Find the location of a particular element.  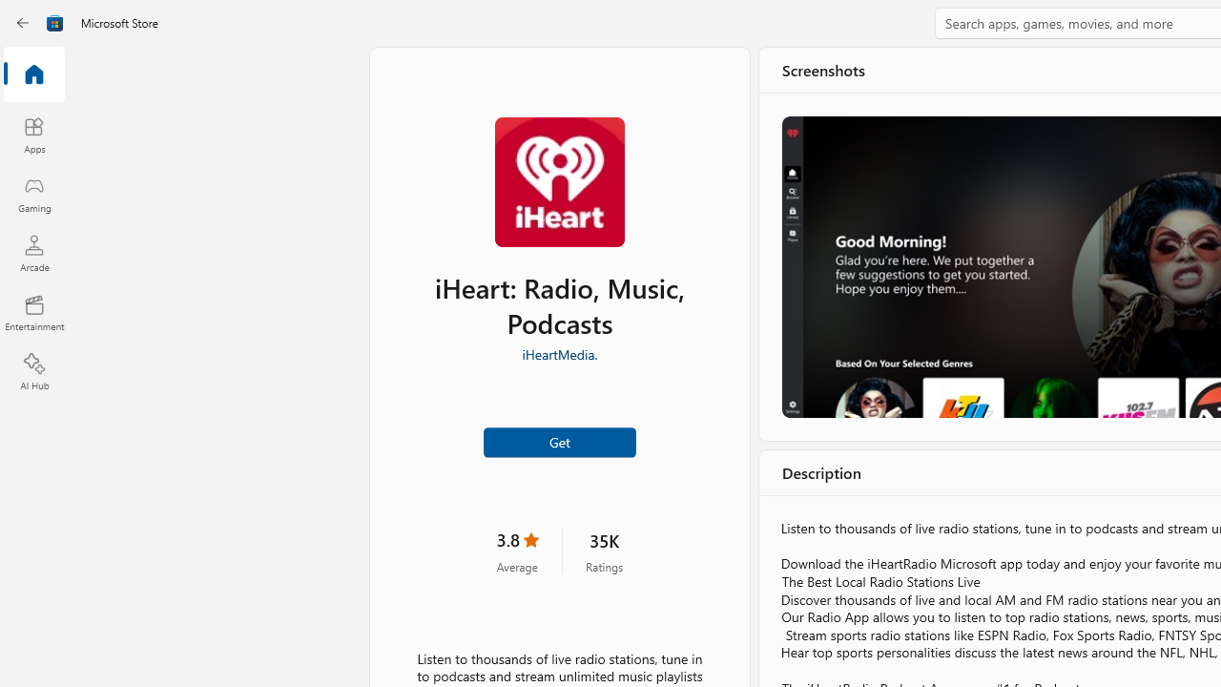

'3.8 stars. Click to skip to ratings and reviews' is located at coordinates (517, 551).